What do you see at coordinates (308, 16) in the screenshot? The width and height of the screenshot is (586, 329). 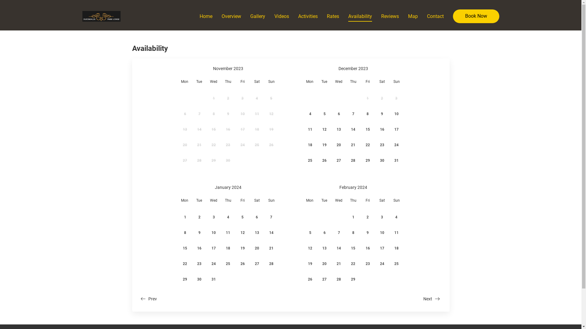 I see `'Activities'` at bounding box center [308, 16].